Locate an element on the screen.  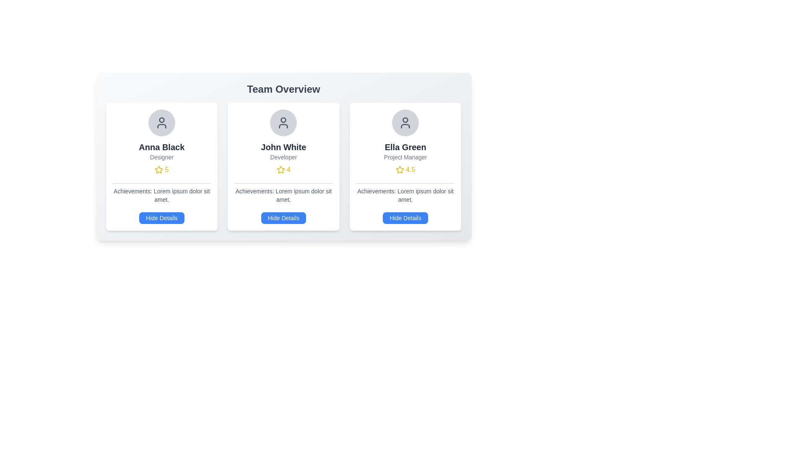
the circular decorative element indicating an alert or notification within the profile icon, located at the top center of the card above the name 'John White' is located at coordinates (283, 120).